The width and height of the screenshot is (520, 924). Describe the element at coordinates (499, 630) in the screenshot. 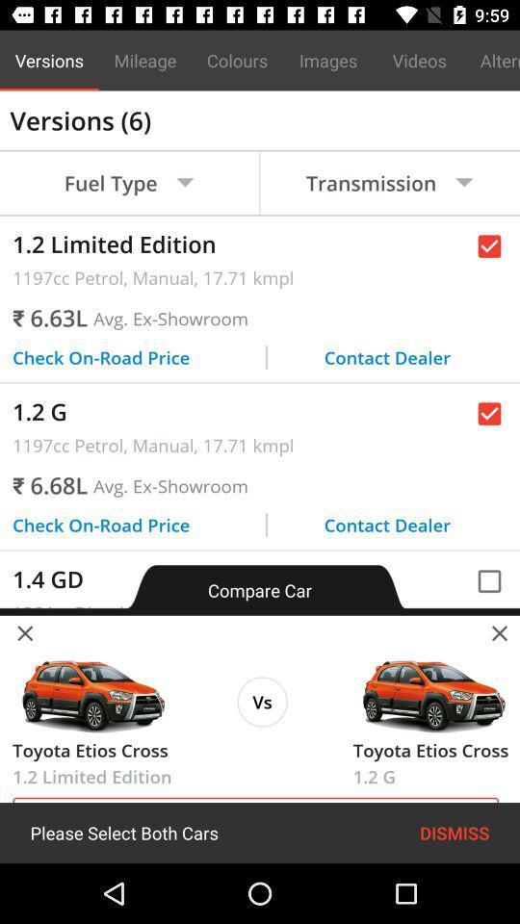

I see `the close icon` at that location.